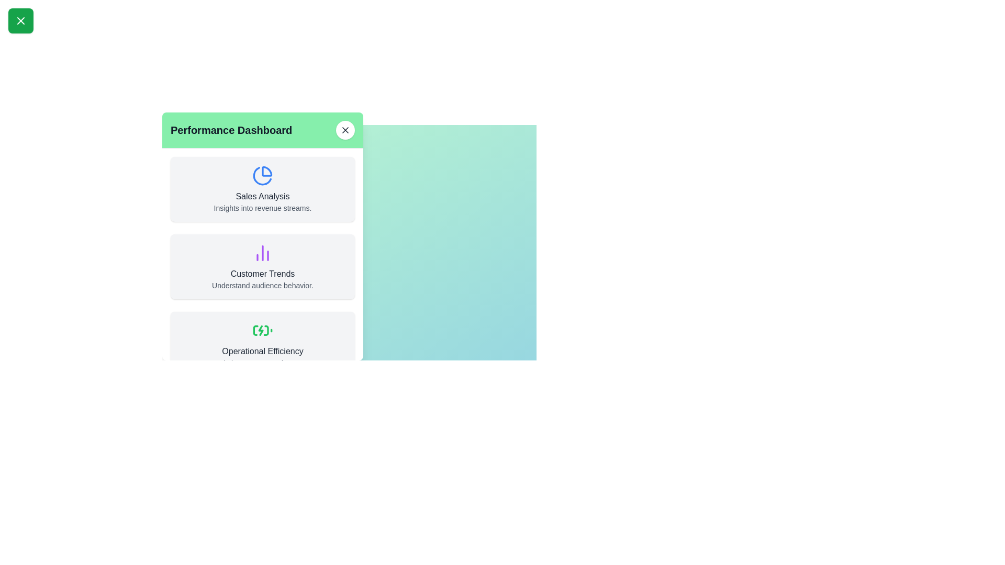 The width and height of the screenshot is (1005, 565). Describe the element at coordinates (263, 189) in the screenshot. I see `the 'Sales Analysis' card, which is the first element in the vertical list below the 'Performance Dashboard' header` at that location.